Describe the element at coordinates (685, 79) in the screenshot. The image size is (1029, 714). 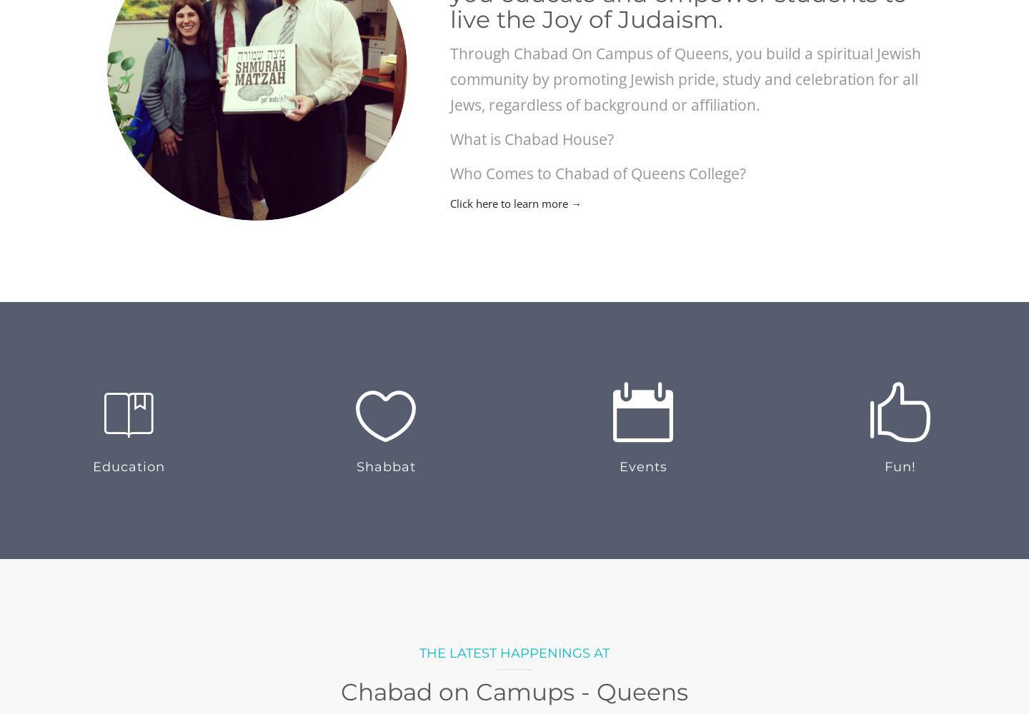
I see `'Through Chabad On Campus of Queens, you build a spiritual Jewish community by promoting Jewish pride, study and celebration for all Jews, regardless of background or affiliation.'` at that location.